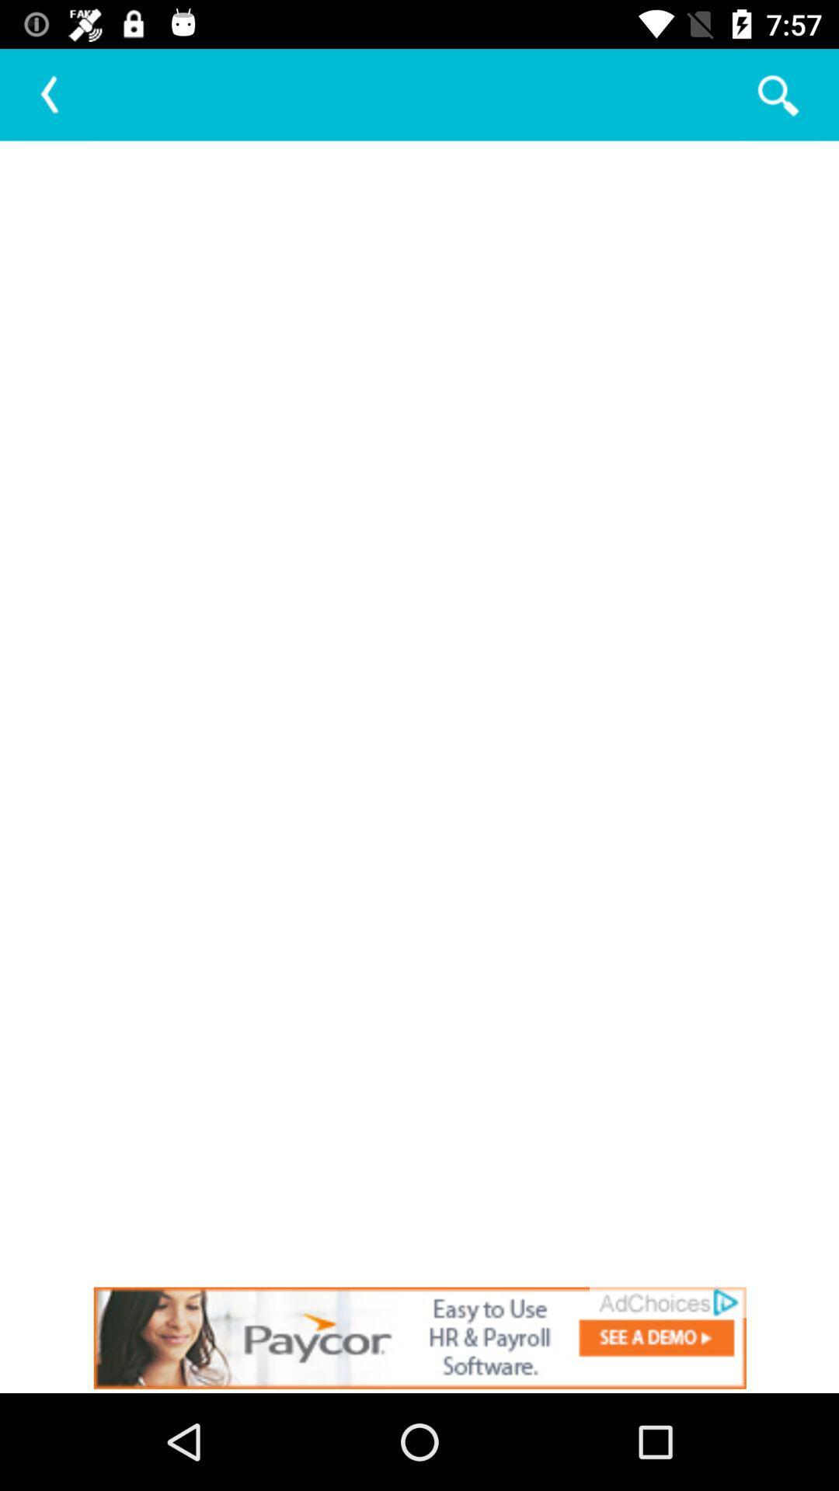  What do you see at coordinates (419, 711) in the screenshot?
I see `blank page` at bounding box center [419, 711].